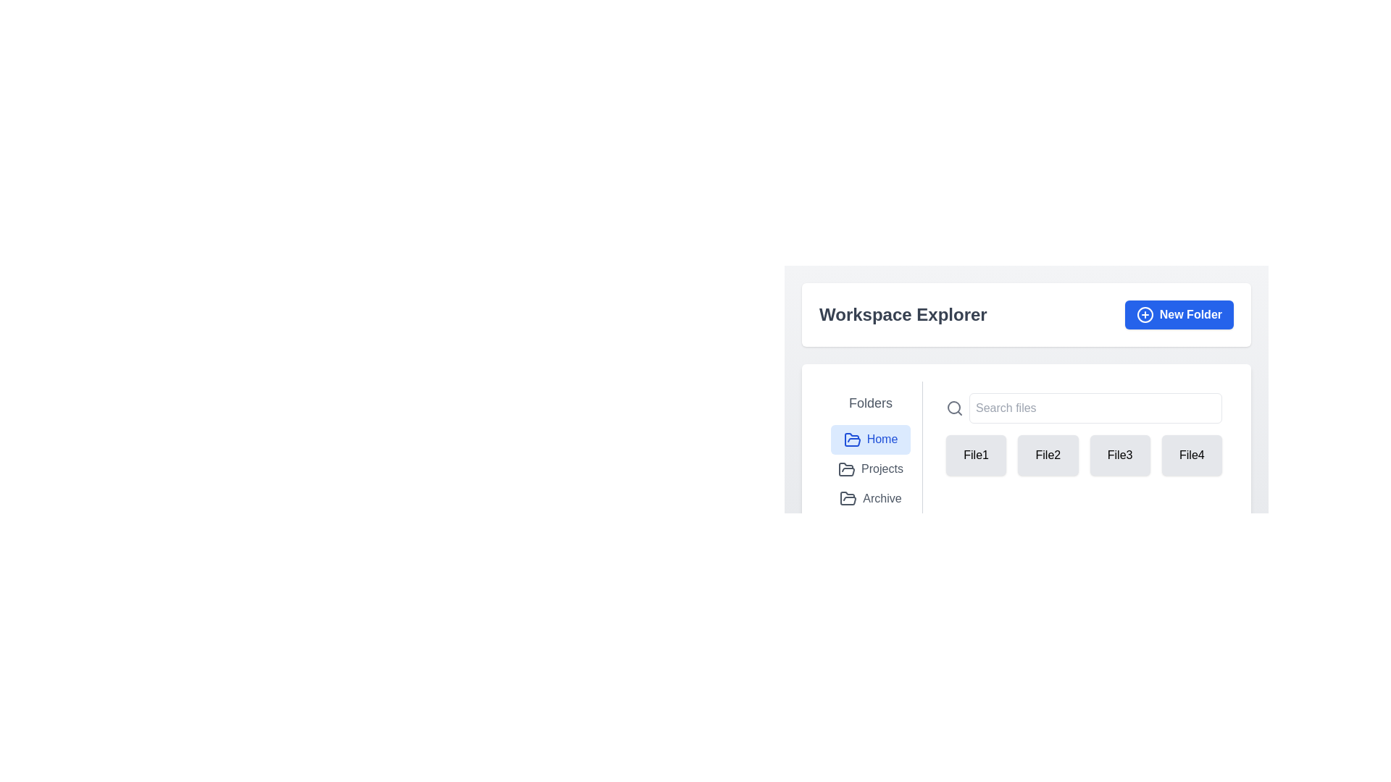  I want to click on the 'Projects' folder navigation item in the workspace, so click(869, 469).